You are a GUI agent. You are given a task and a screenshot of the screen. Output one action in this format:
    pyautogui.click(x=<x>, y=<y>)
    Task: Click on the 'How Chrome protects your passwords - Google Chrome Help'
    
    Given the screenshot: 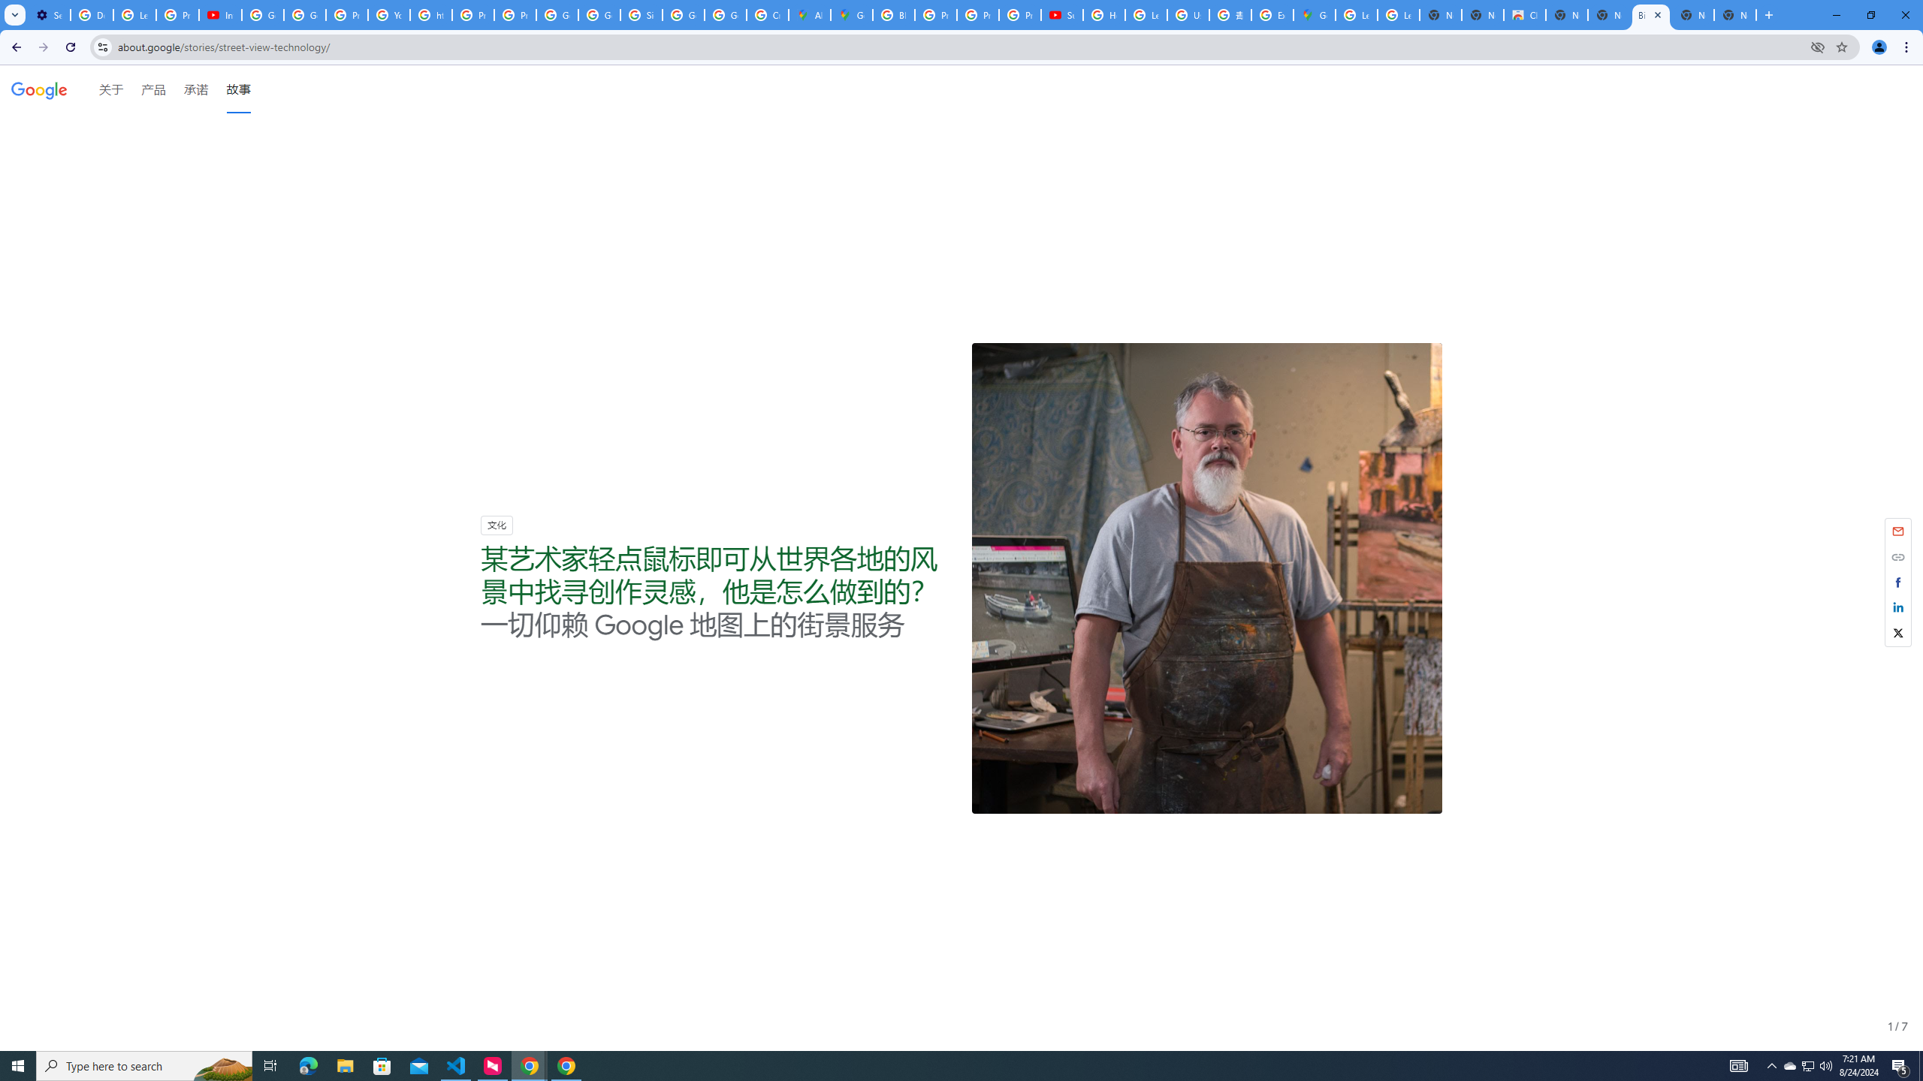 What is the action you would take?
    pyautogui.click(x=1103, y=14)
    